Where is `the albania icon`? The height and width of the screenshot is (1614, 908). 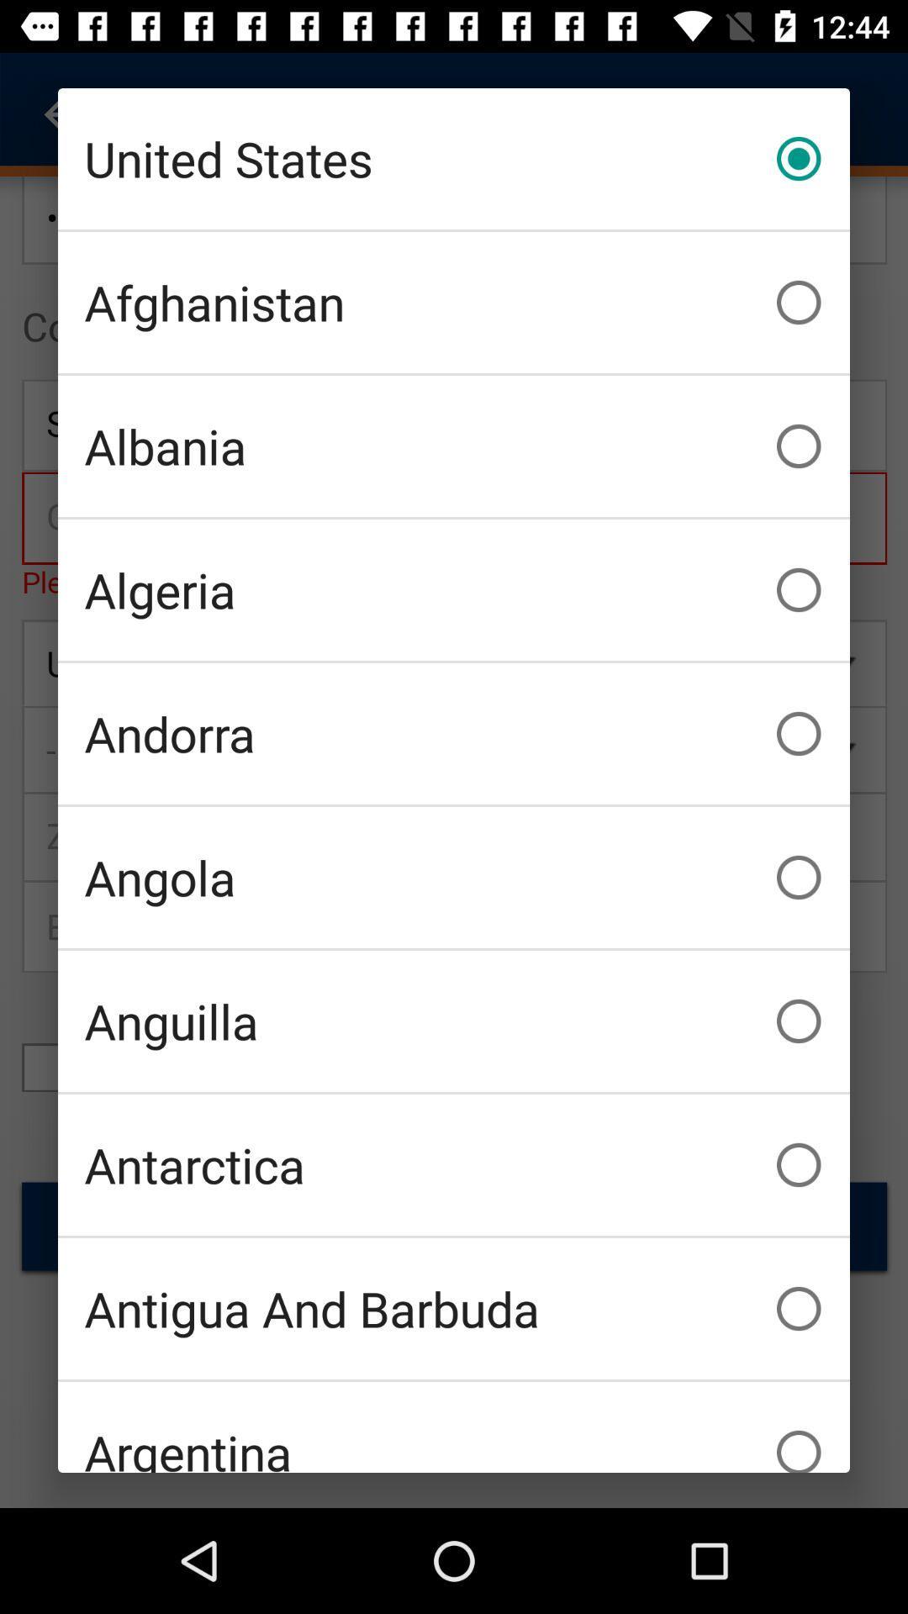 the albania icon is located at coordinates (454, 446).